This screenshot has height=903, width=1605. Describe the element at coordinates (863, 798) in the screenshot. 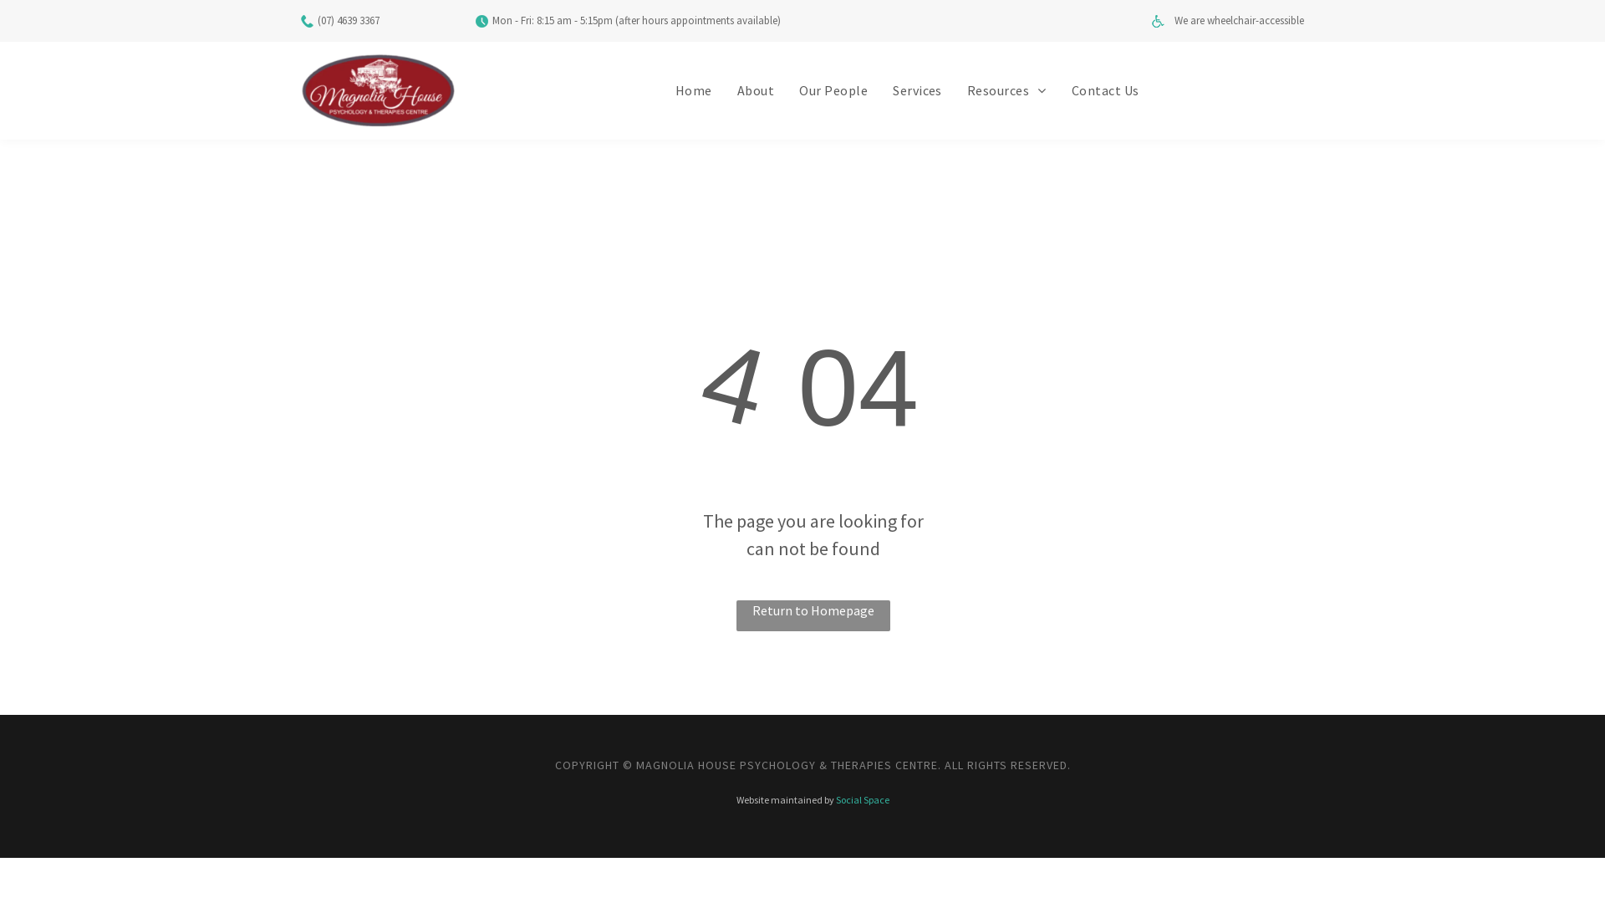

I see `'Social Space'` at that location.